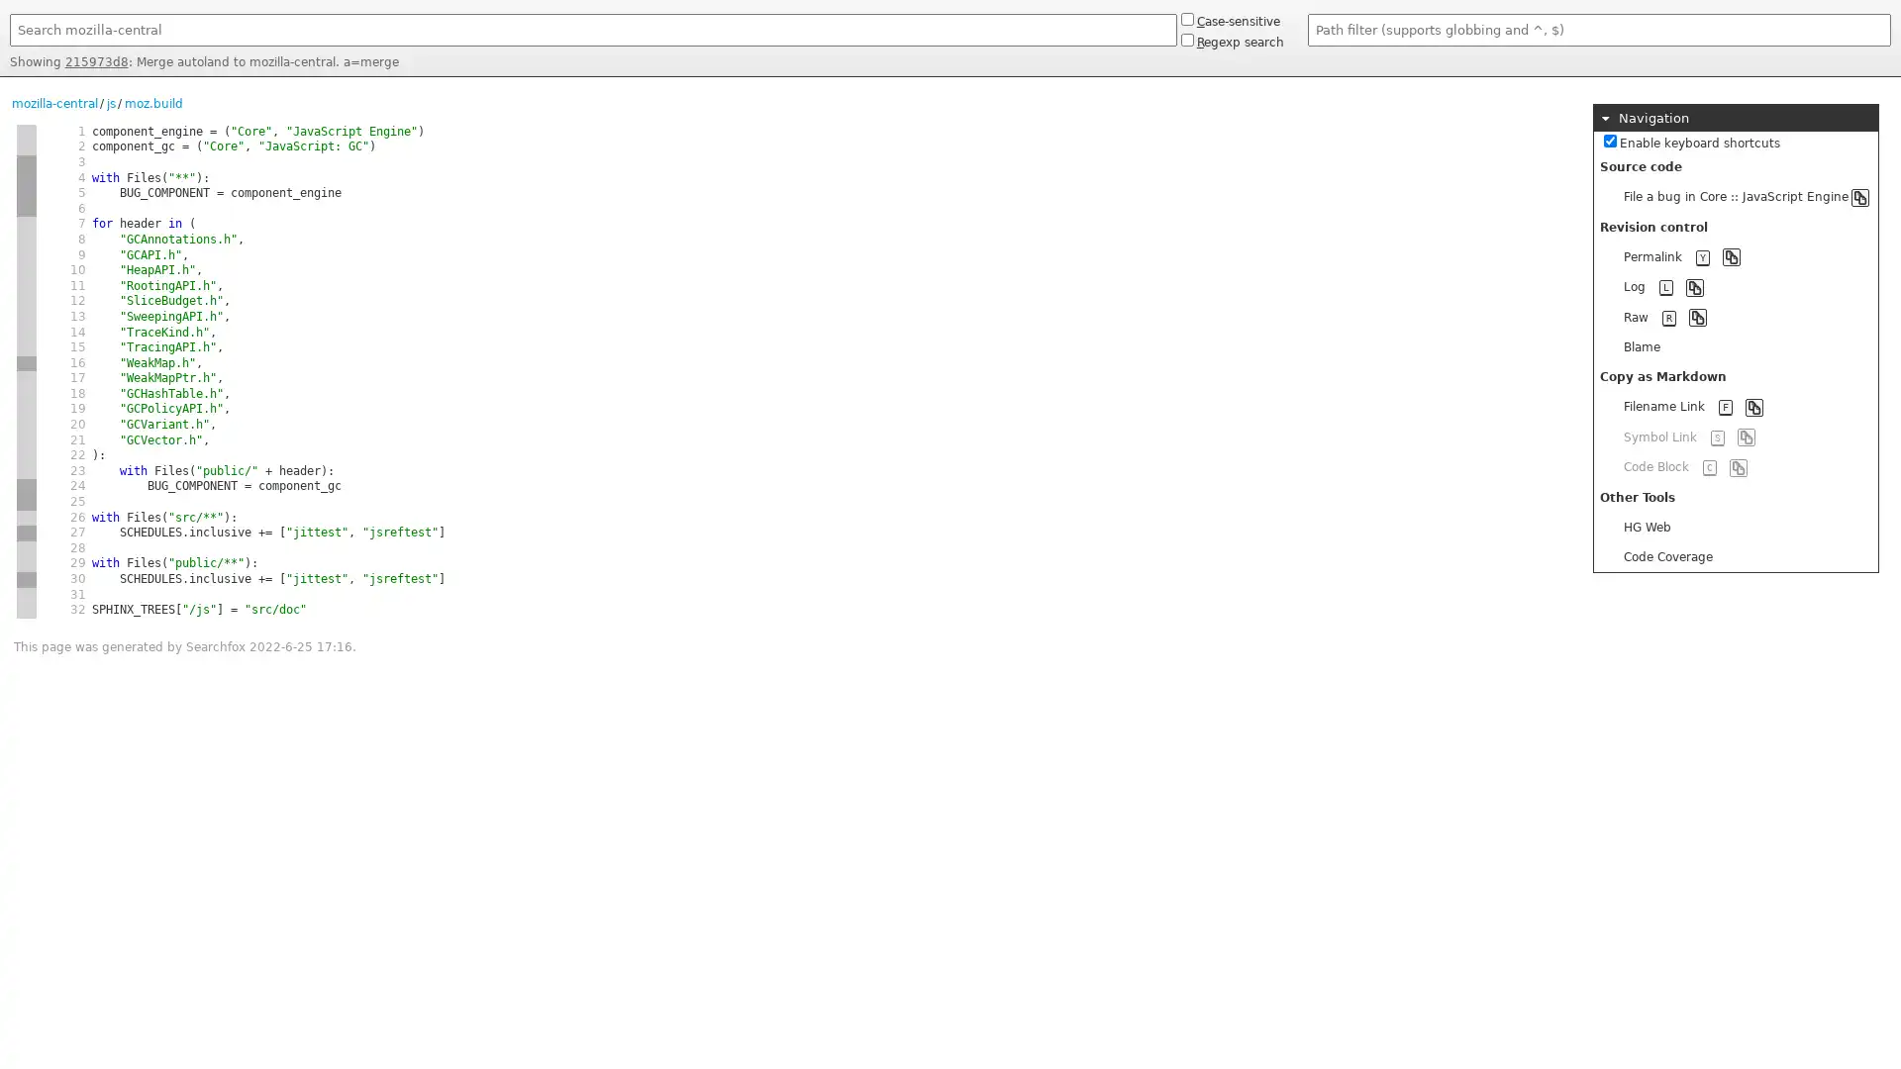 The height and width of the screenshot is (1069, 1901). I want to click on same hash 1, so click(27, 316).